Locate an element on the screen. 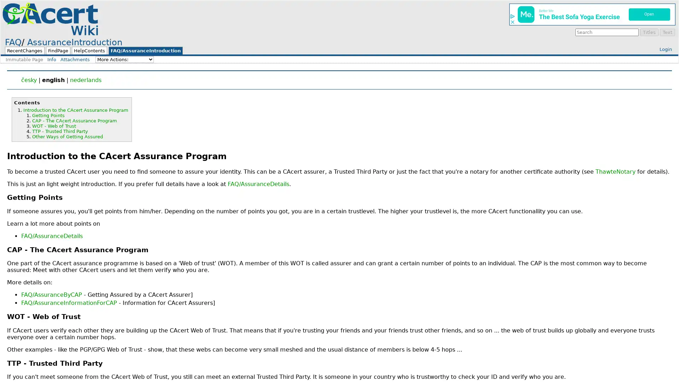 The height and width of the screenshot is (382, 679). Titles is located at coordinates (649, 32).